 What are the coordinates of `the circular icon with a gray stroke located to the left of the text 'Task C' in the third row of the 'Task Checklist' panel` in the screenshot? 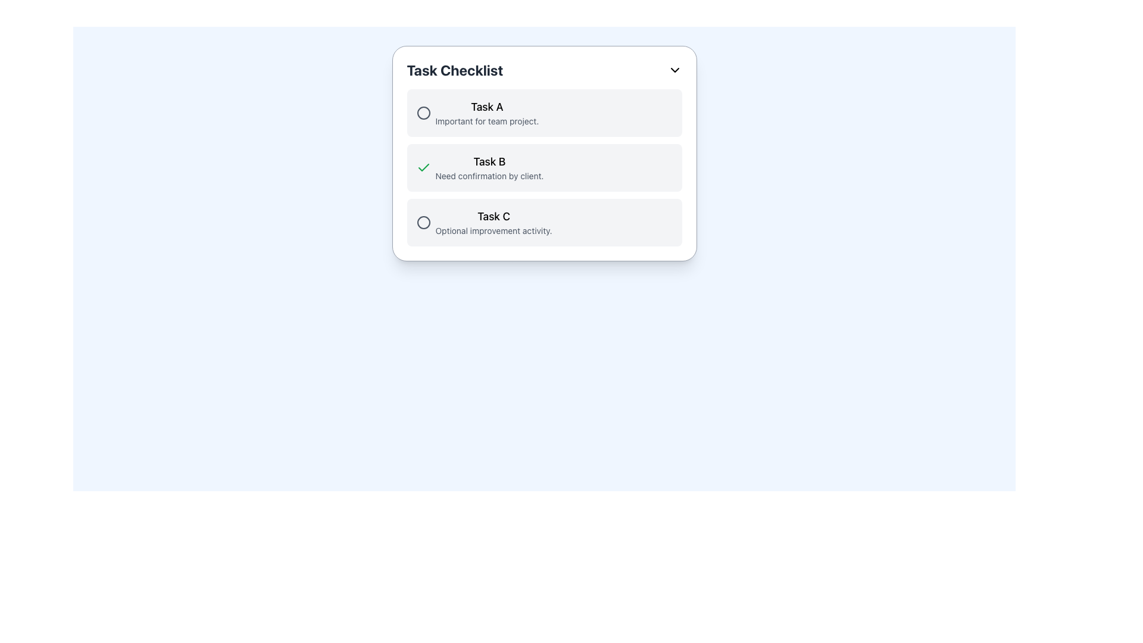 It's located at (423, 223).